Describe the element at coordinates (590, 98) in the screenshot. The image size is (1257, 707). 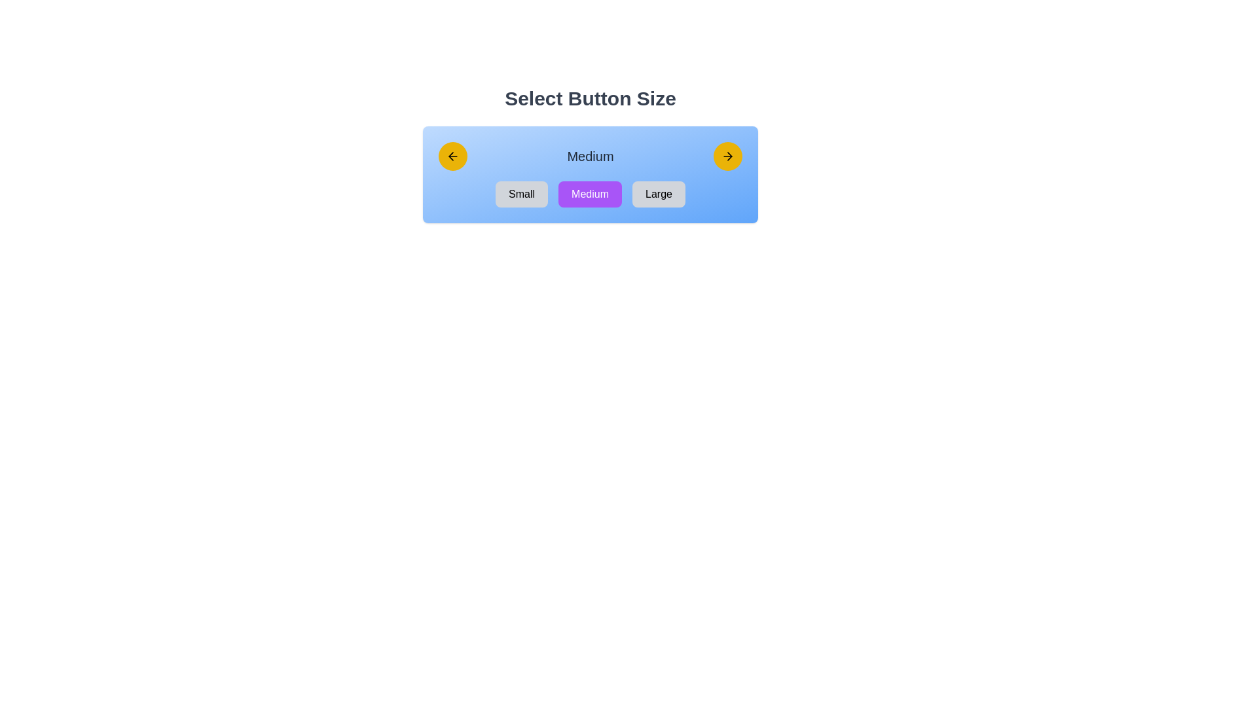
I see `the static text heading that indicates the purpose of the section for selecting button size, which is centrally aligned above a blue gradient box` at that location.